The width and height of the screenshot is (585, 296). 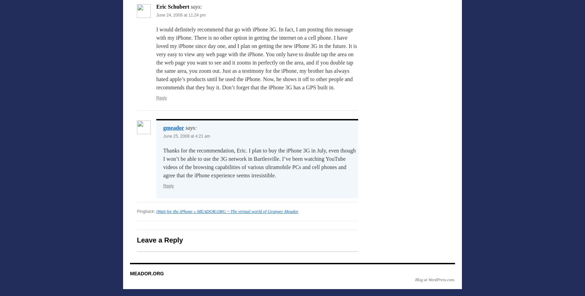 I want to click on 'iWait for the iPhone « MEADOR.ORG ~ The virtual world of Granger Meador', so click(x=227, y=211).